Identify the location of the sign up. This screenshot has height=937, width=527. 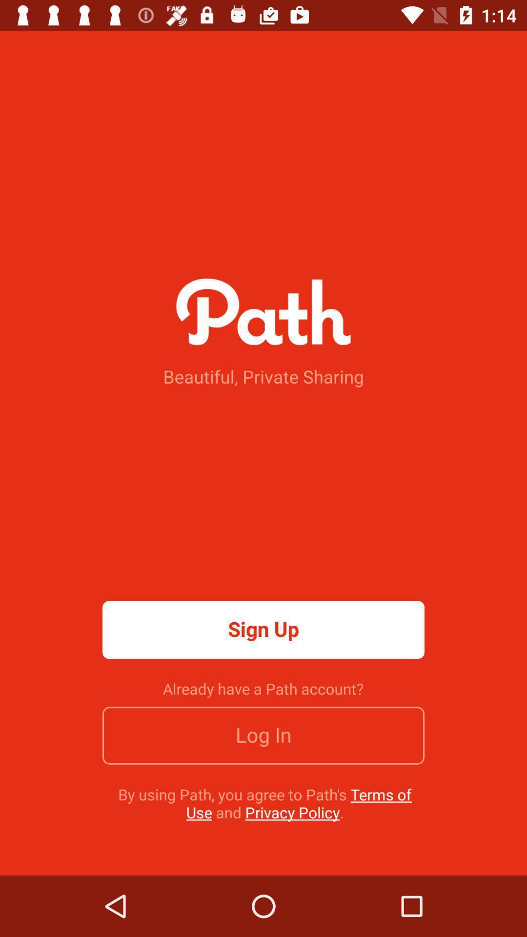
(263, 630).